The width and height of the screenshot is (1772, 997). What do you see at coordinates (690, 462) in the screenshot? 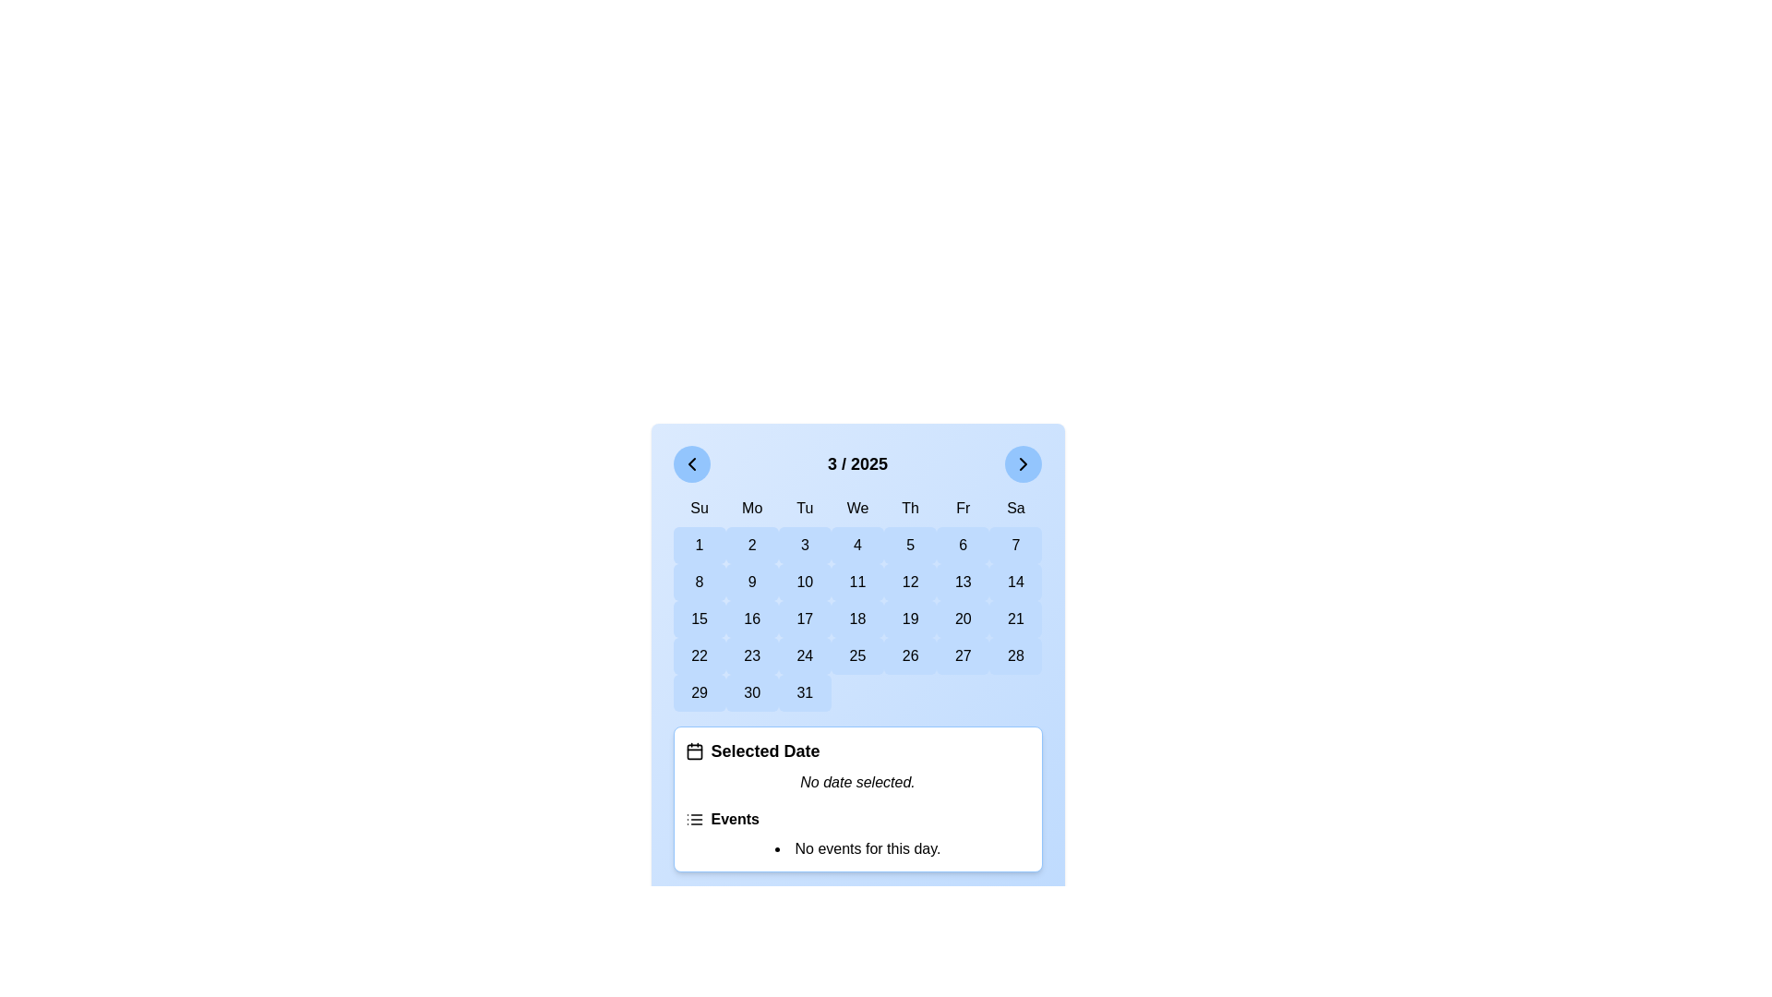
I see `the circular button with a blue background and a left-pointing chevron icon, located at the top-left of the calendar interface` at bounding box center [690, 462].